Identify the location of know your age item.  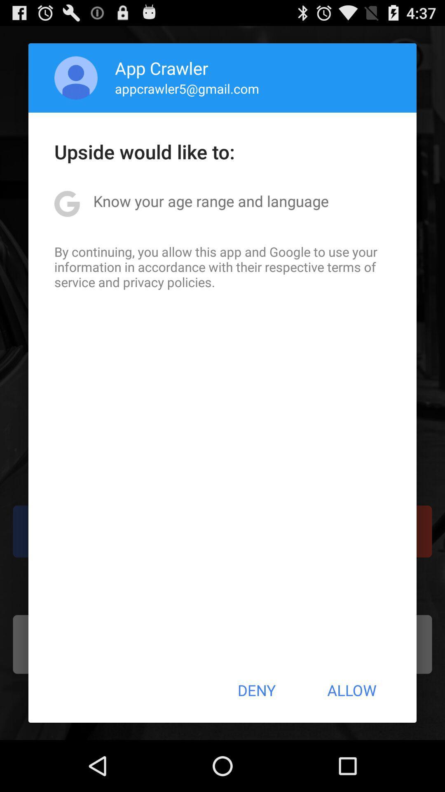
(211, 201).